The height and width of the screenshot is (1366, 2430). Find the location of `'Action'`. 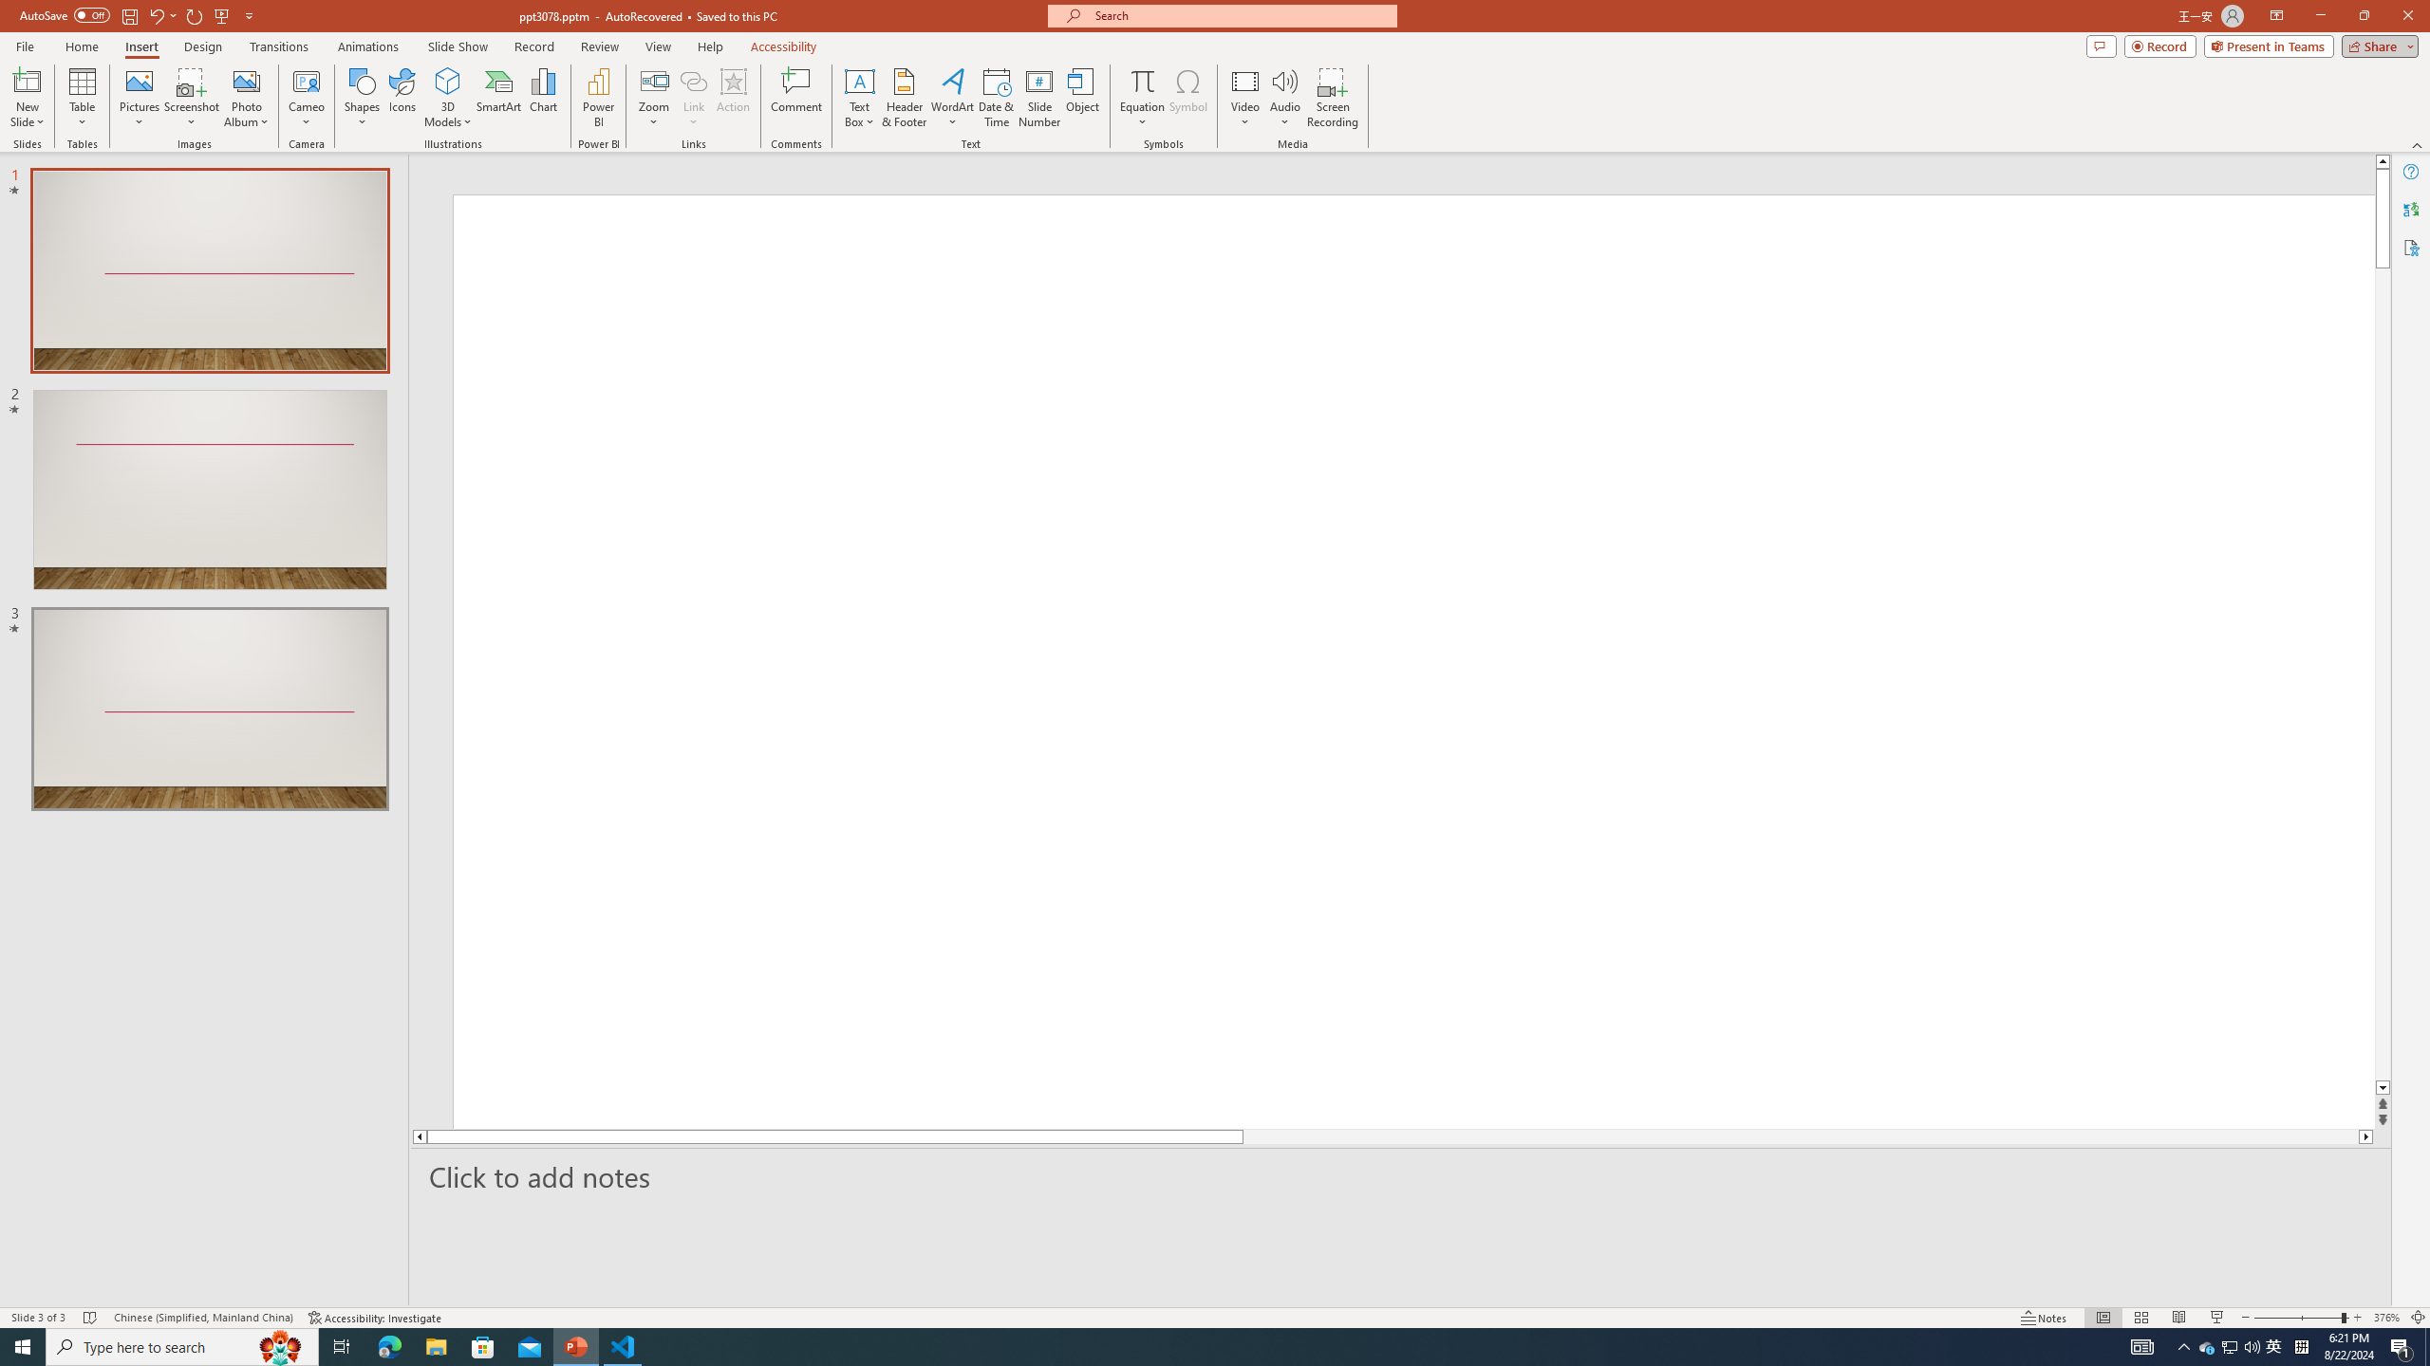

'Action' is located at coordinates (734, 98).